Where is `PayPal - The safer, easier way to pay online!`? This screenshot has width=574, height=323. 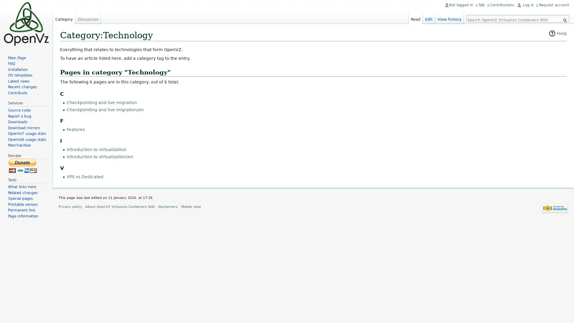
PayPal - The safer, easier way to pay online! is located at coordinates (23, 165).